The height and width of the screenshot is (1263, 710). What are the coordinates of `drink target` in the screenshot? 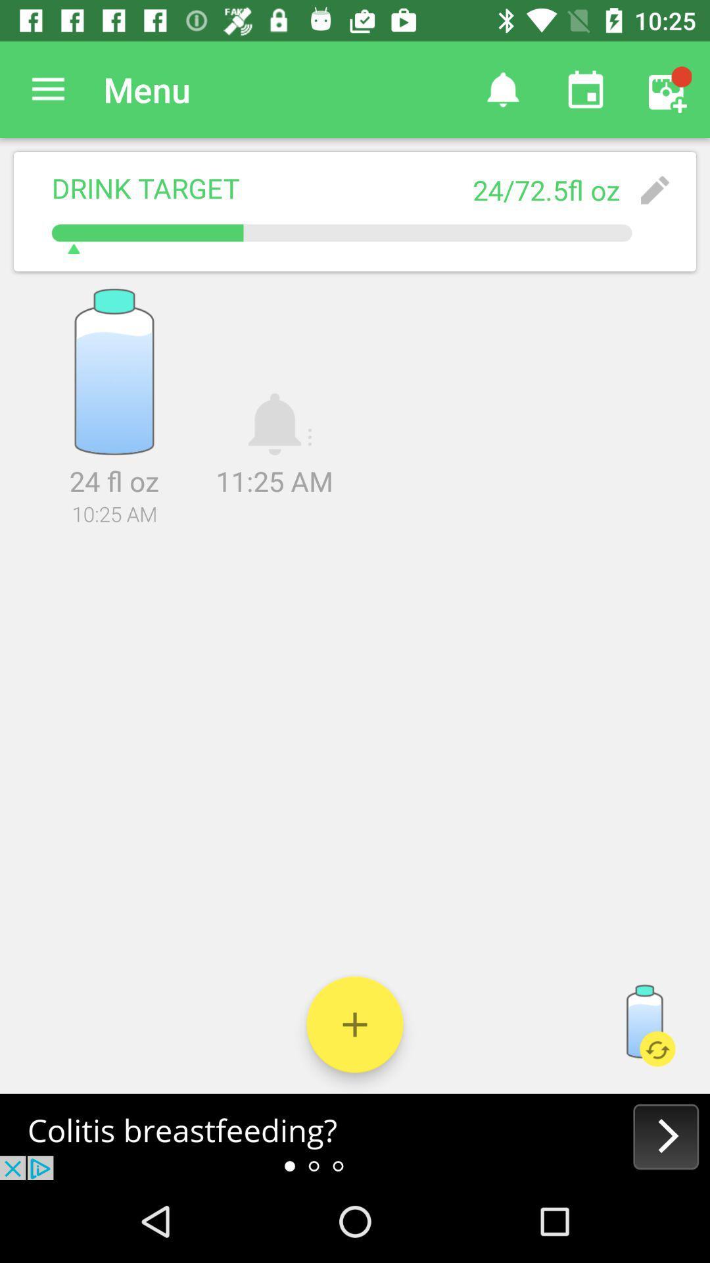 It's located at (355, 1024).